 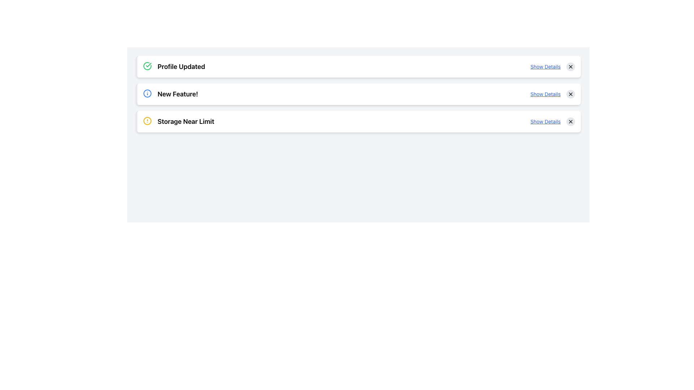 I want to click on the success status icon located on the left side of the 'Profile Updated' text, which indicates that the action has been completed, so click(x=147, y=66).